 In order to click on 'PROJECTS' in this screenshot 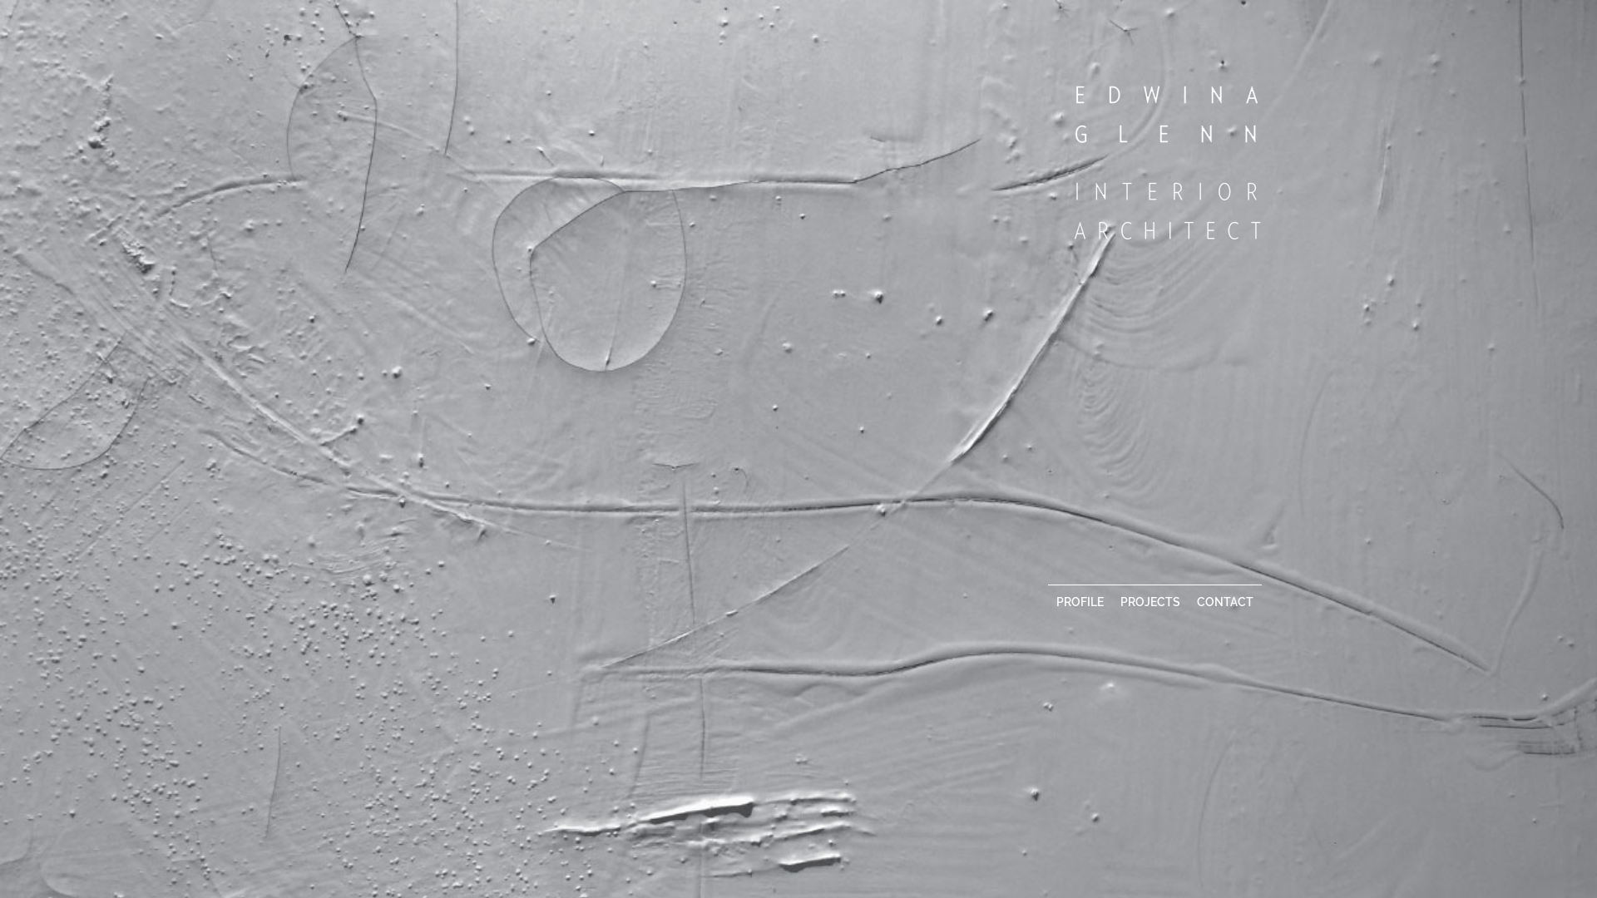, I will do `click(1112, 600)`.